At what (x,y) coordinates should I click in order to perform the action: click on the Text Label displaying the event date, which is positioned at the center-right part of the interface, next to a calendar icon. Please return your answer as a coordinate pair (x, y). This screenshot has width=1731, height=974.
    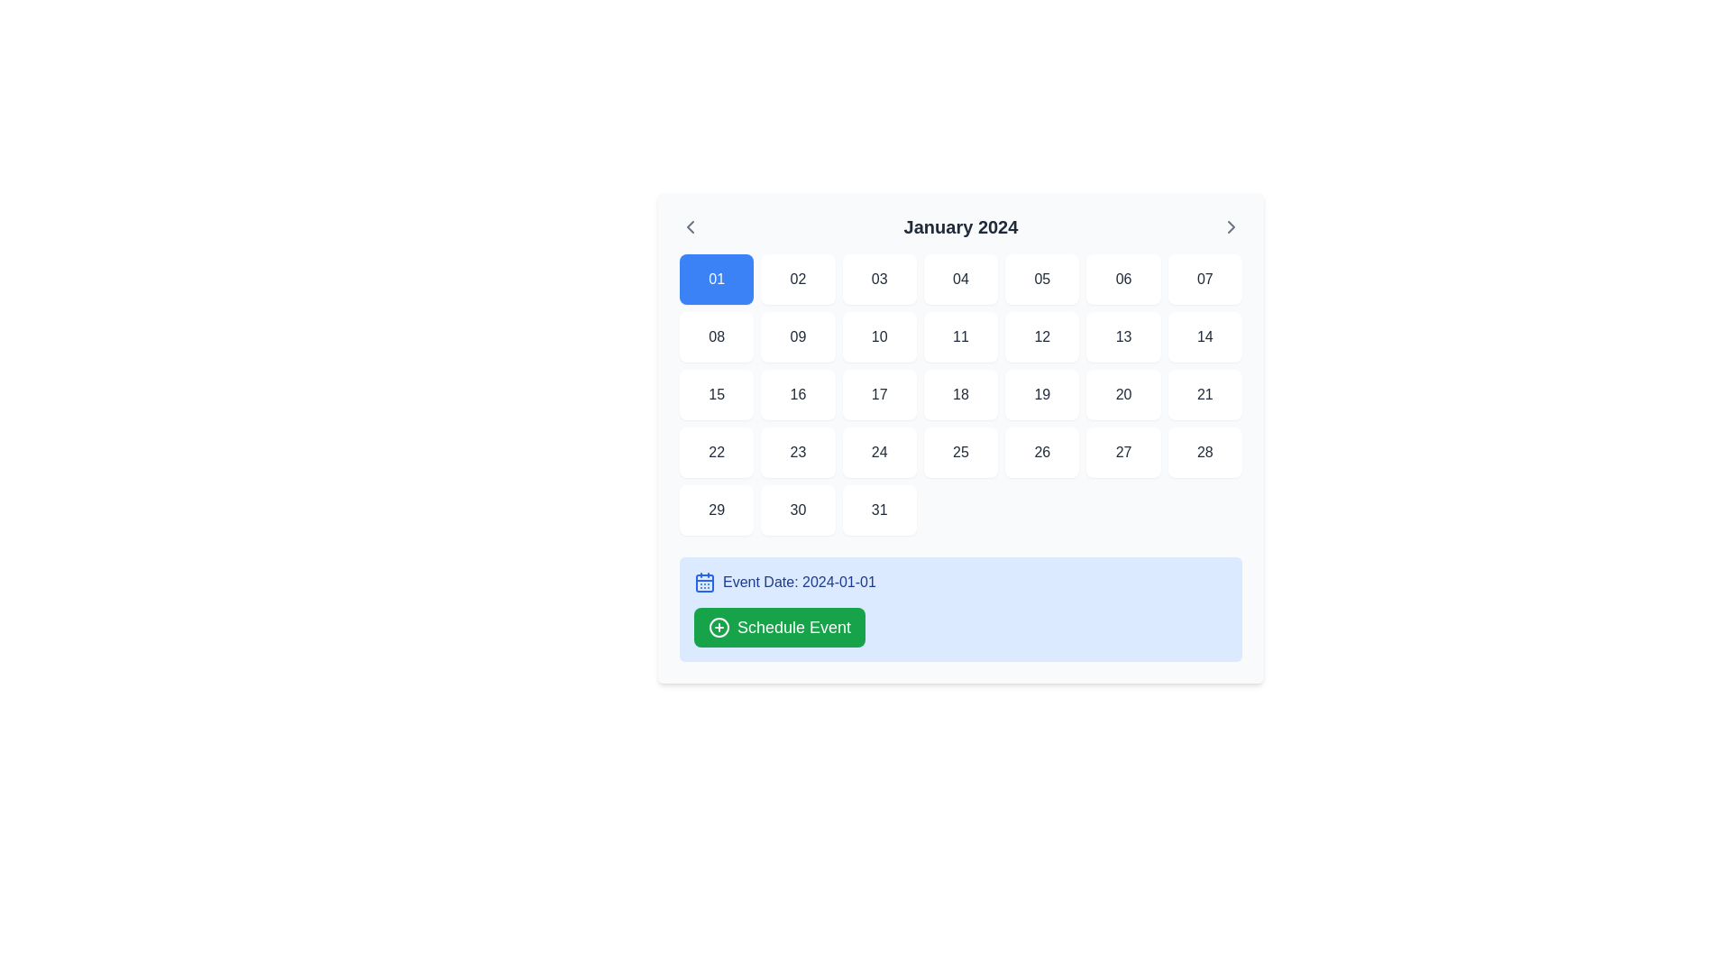
    Looking at the image, I should click on (799, 582).